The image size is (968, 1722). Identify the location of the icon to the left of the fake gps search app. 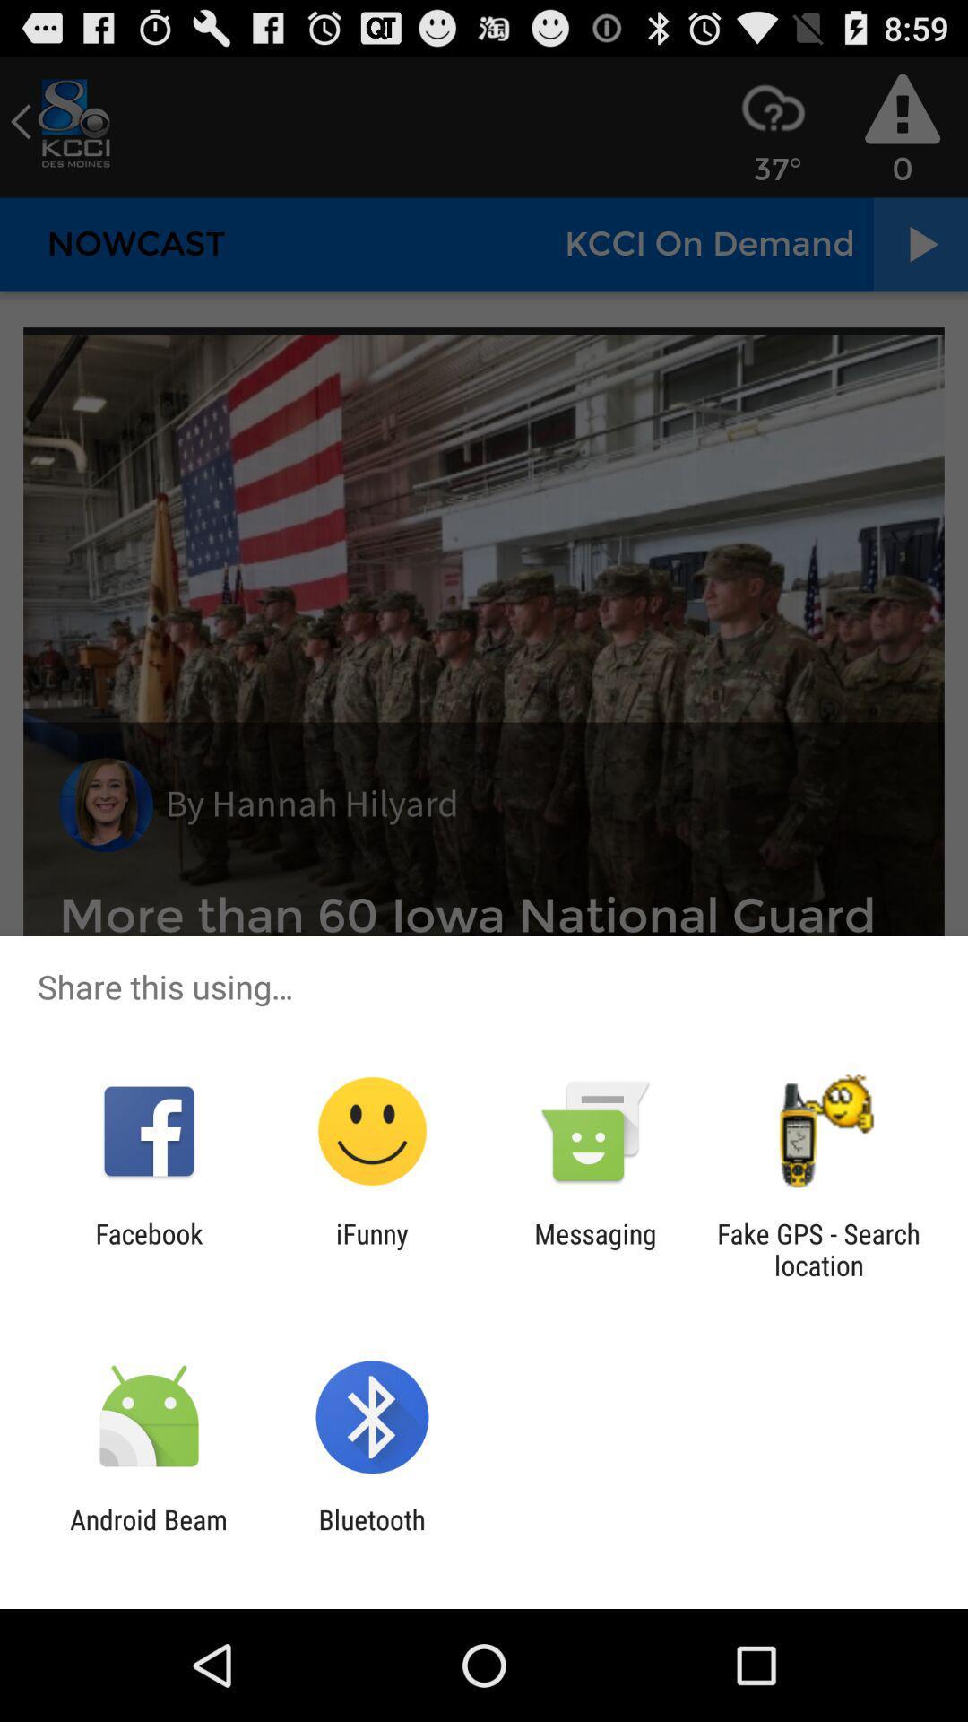
(595, 1248).